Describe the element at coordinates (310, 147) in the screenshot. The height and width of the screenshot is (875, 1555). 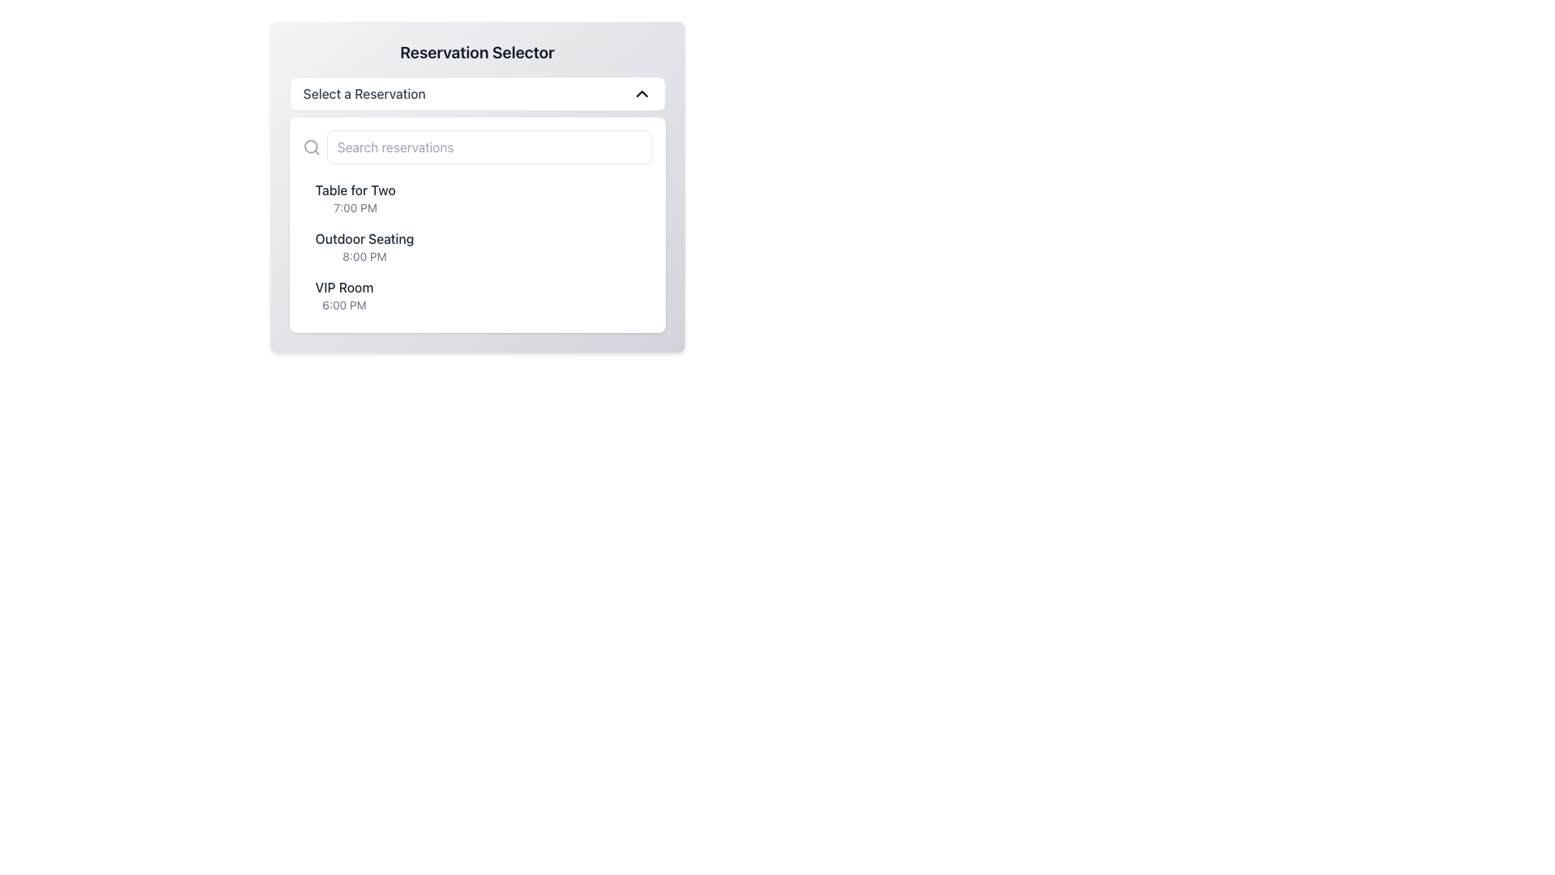
I see `the small circular SVG shape that is part of the magnifying glass icon located at the upper-left corner of the search field` at that location.